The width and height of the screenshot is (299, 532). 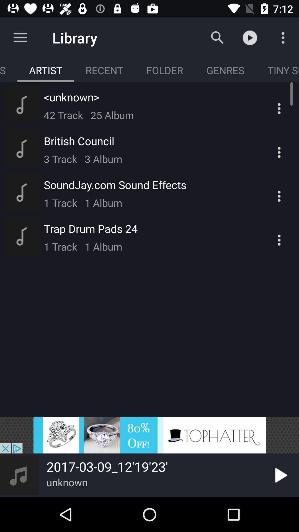 I want to click on move to floder tab, so click(x=164, y=70).